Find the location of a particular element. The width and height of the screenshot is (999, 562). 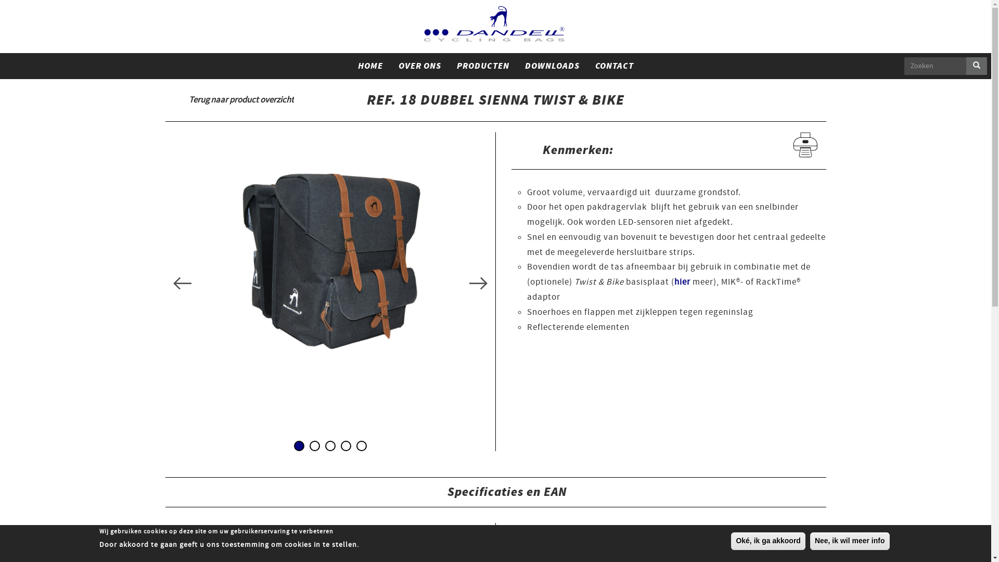

'HOME' is located at coordinates (369, 66).